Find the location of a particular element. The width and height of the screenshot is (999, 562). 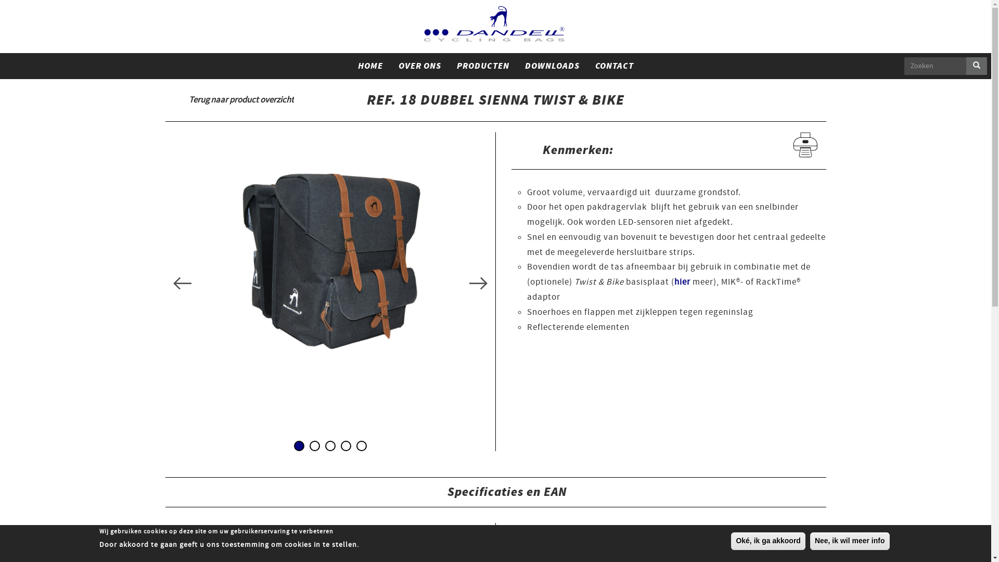

'HOME' is located at coordinates (369, 66).